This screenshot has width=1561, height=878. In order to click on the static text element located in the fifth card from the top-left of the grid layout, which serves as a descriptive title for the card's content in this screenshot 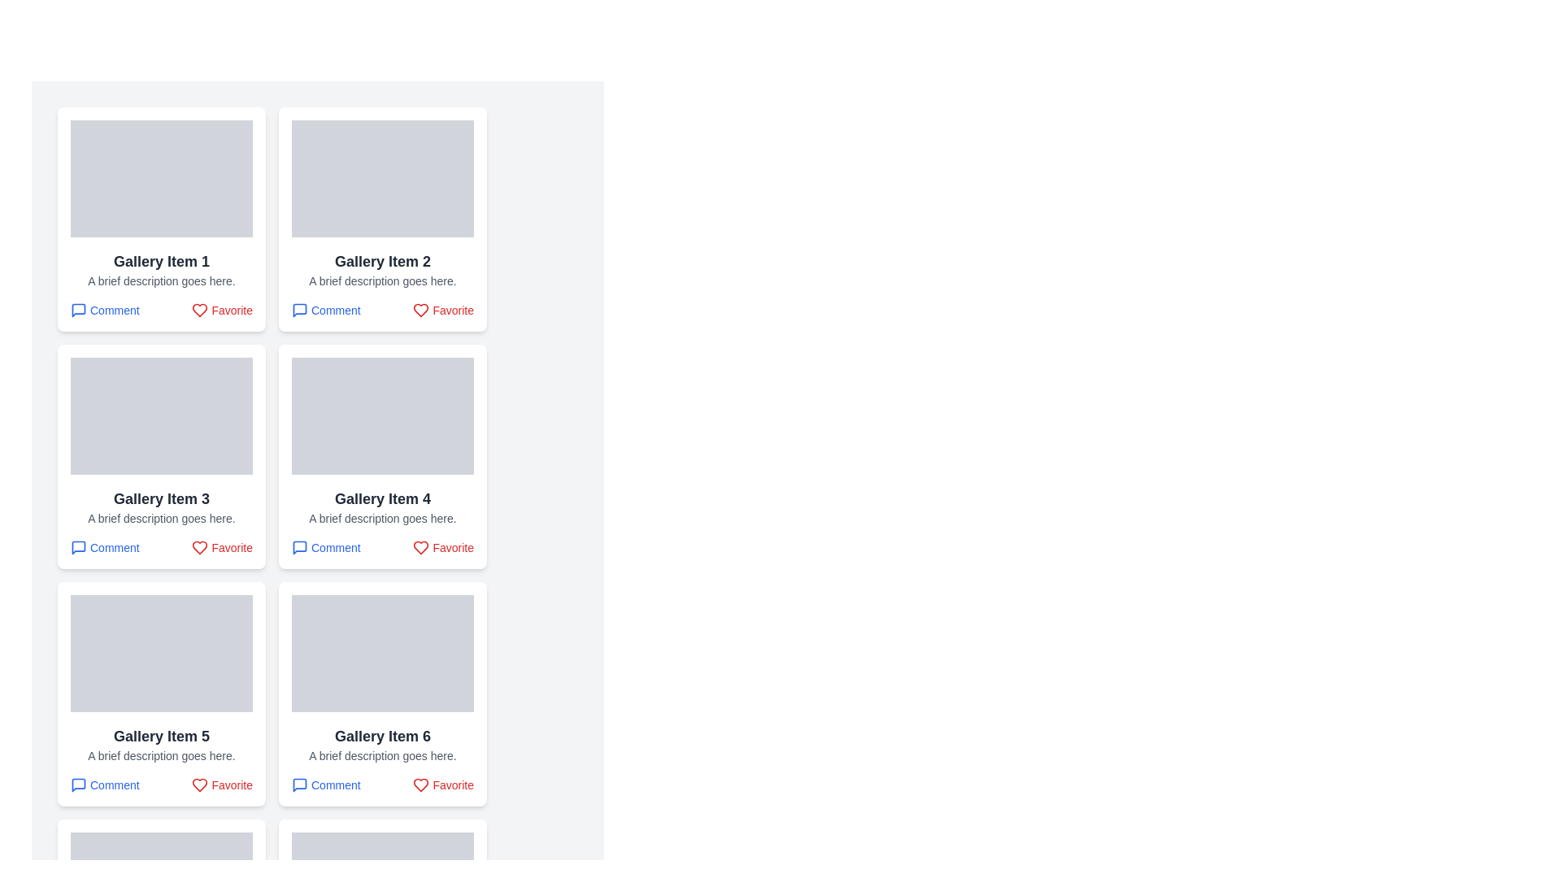, I will do `click(161, 737)`.